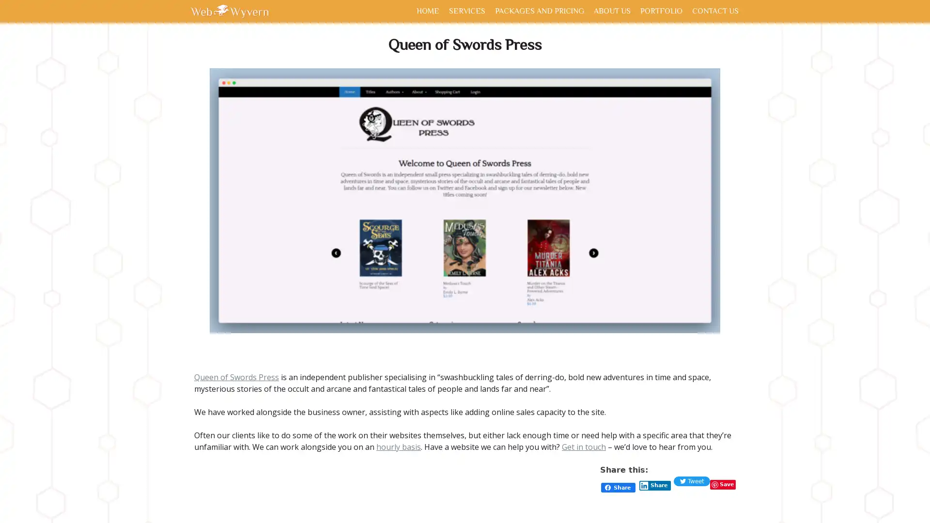 This screenshot has width=930, height=523. Describe the element at coordinates (655, 485) in the screenshot. I see `Share` at that location.